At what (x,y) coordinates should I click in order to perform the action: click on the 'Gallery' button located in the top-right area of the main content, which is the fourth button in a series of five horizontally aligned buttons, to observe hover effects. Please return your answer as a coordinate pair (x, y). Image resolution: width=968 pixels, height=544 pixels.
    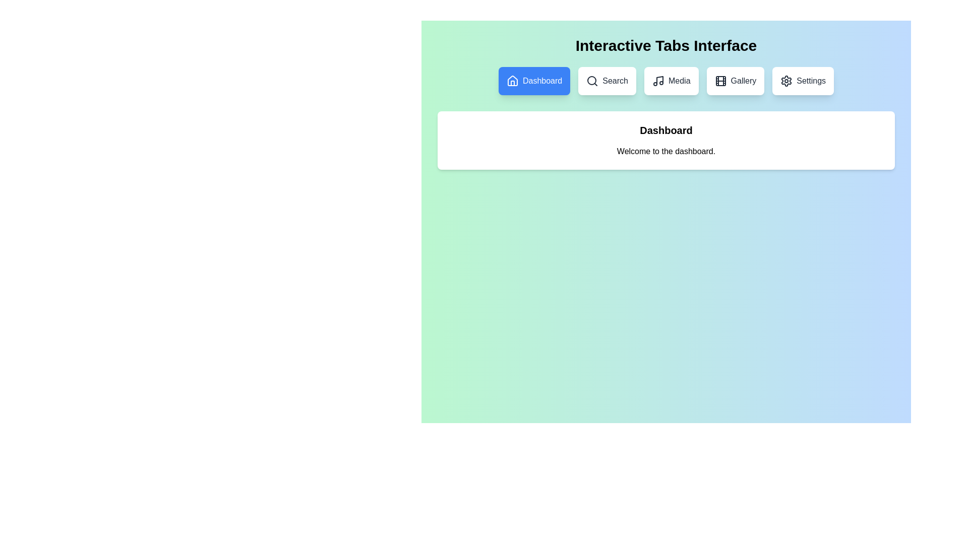
    Looking at the image, I should click on (735, 81).